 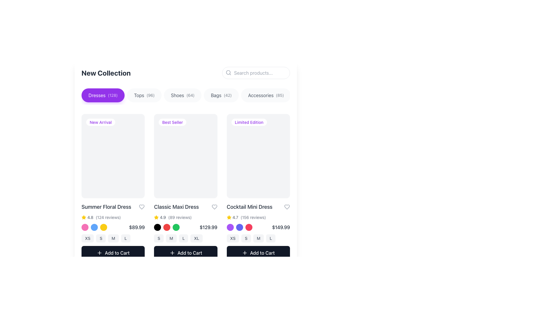 I want to click on the 'XS' size selection button located below the product information for the 'Summer Floral Dress' in the leftmost product card, so click(x=87, y=238).